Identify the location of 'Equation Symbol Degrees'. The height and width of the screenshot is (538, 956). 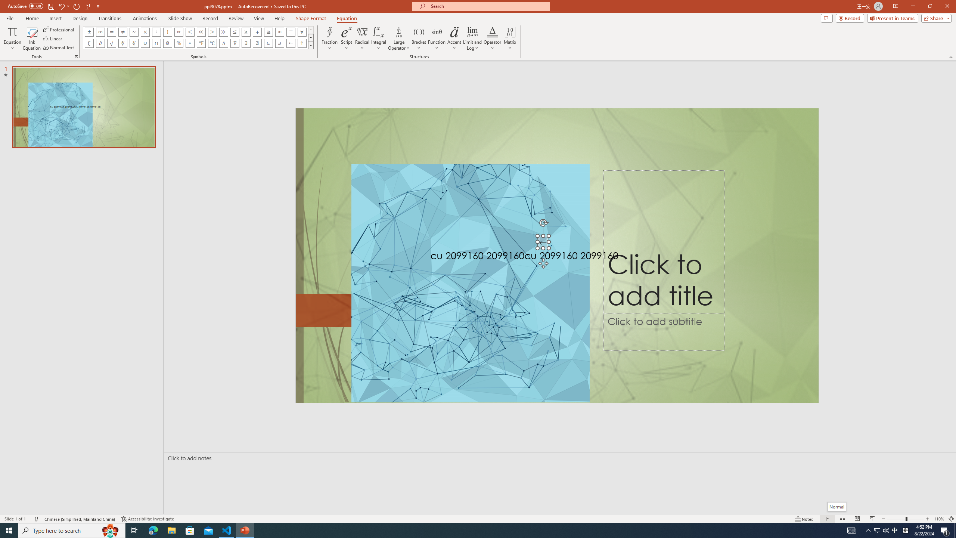
(190, 43).